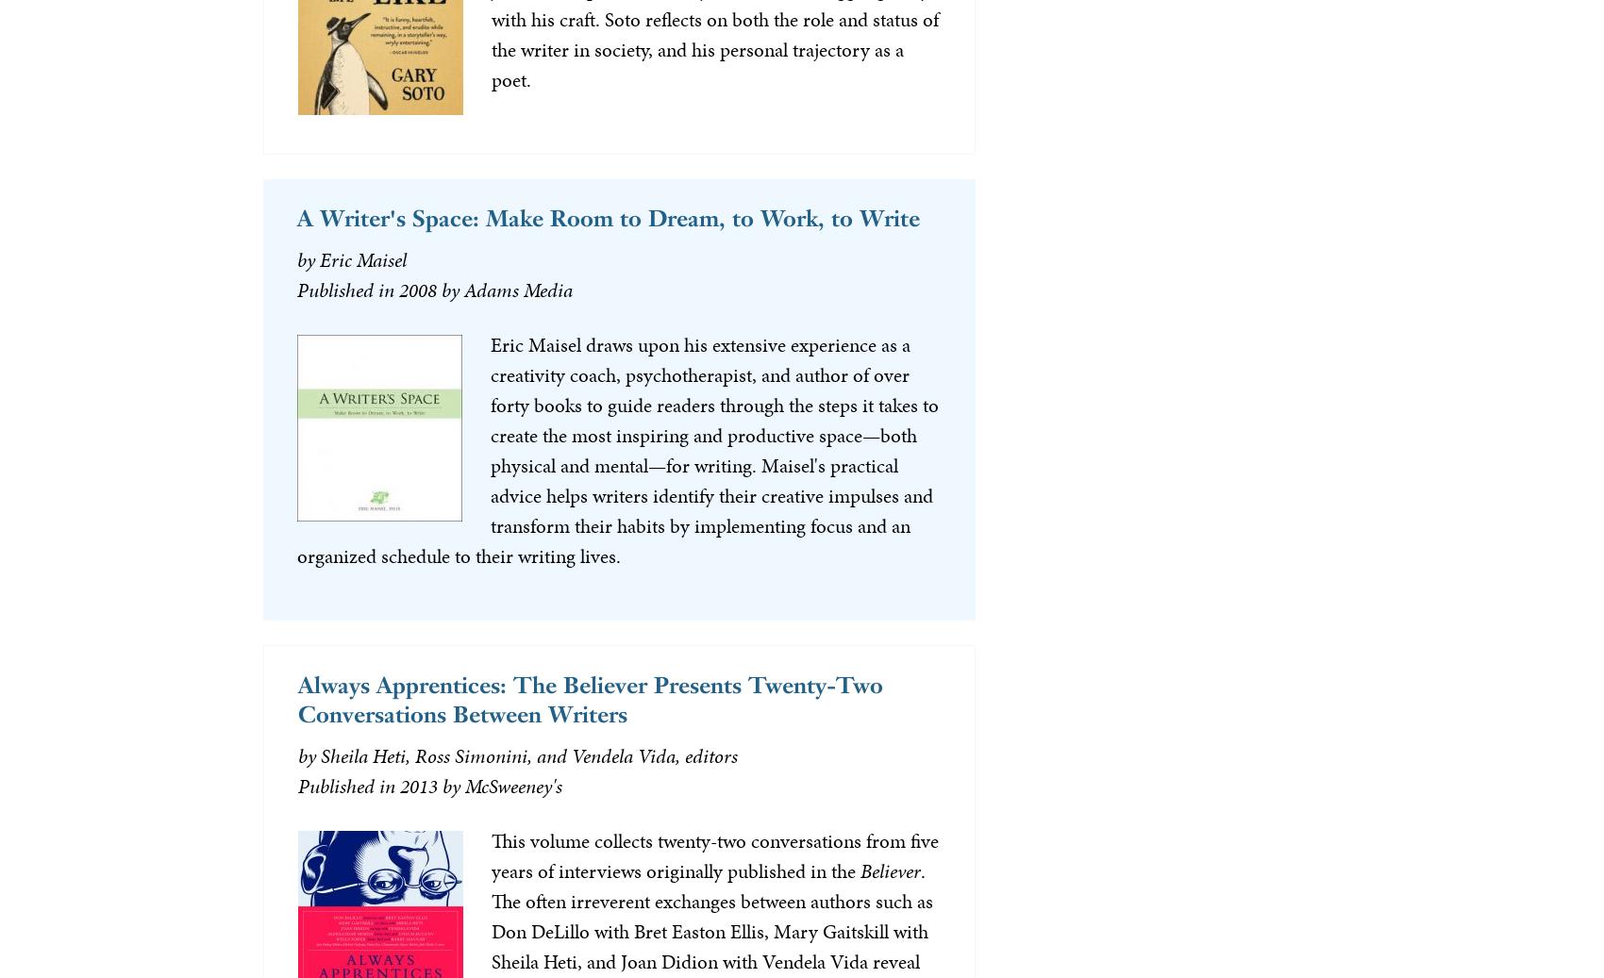 This screenshot has height=978, width=1604. What do you see at coordinates (418, 786) in the screenshot?
I see `'2013'` at bounding box center [418, 786].